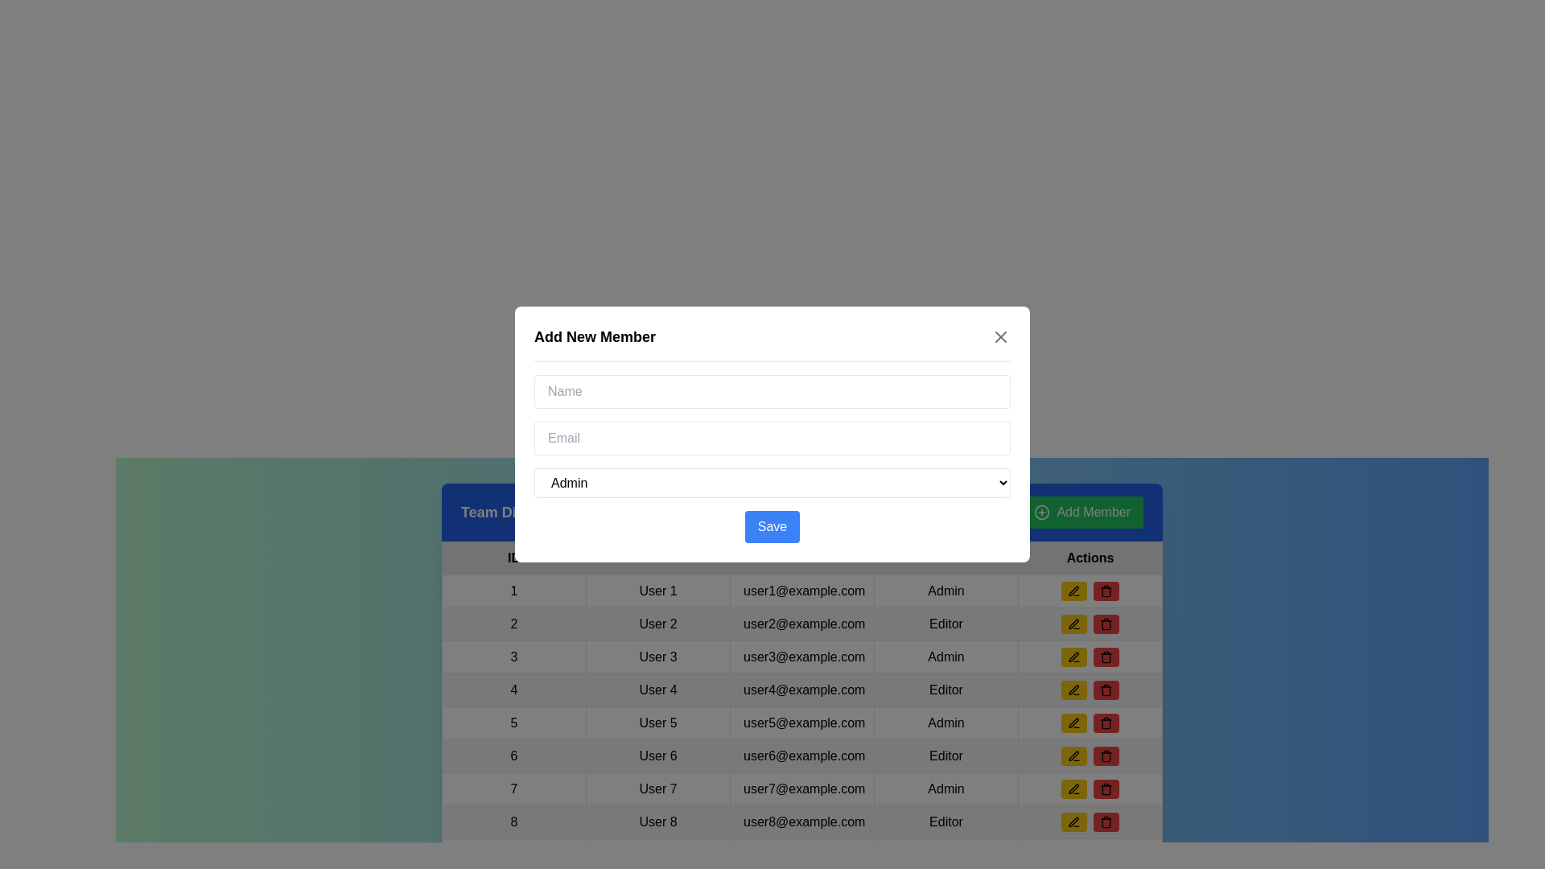  I want to click on the red button with rounded corners containing a black trash icon, located in the 'Actions' column next to 'User 6', so click(1105, 722).